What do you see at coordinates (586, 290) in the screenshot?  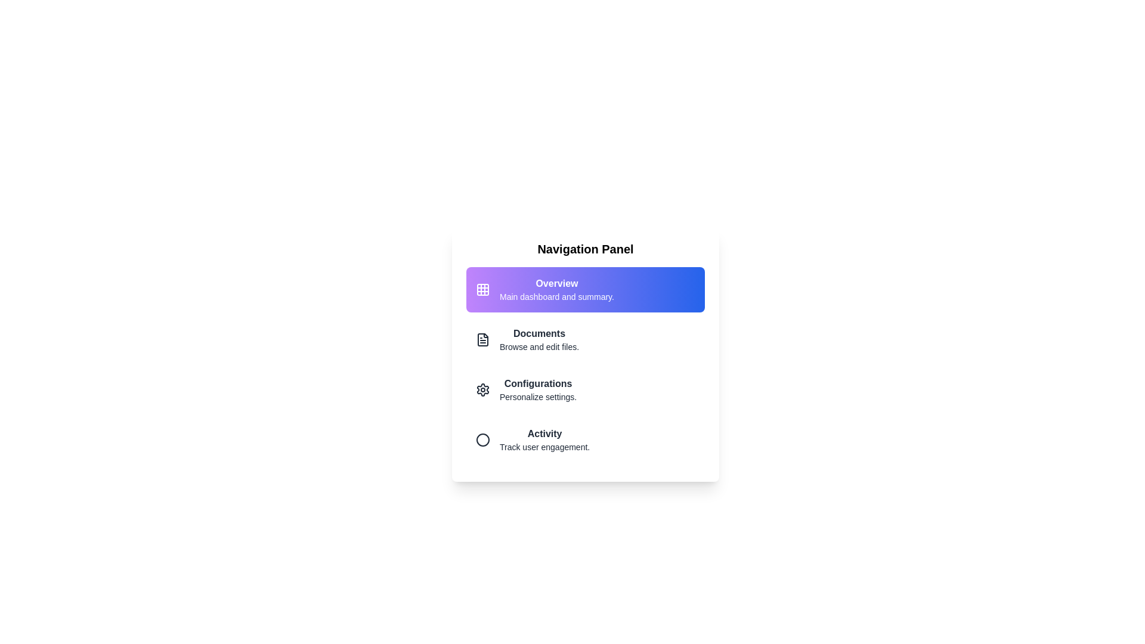 I see `the menu section corresponding to Overview` at bounding box center [586, 290].